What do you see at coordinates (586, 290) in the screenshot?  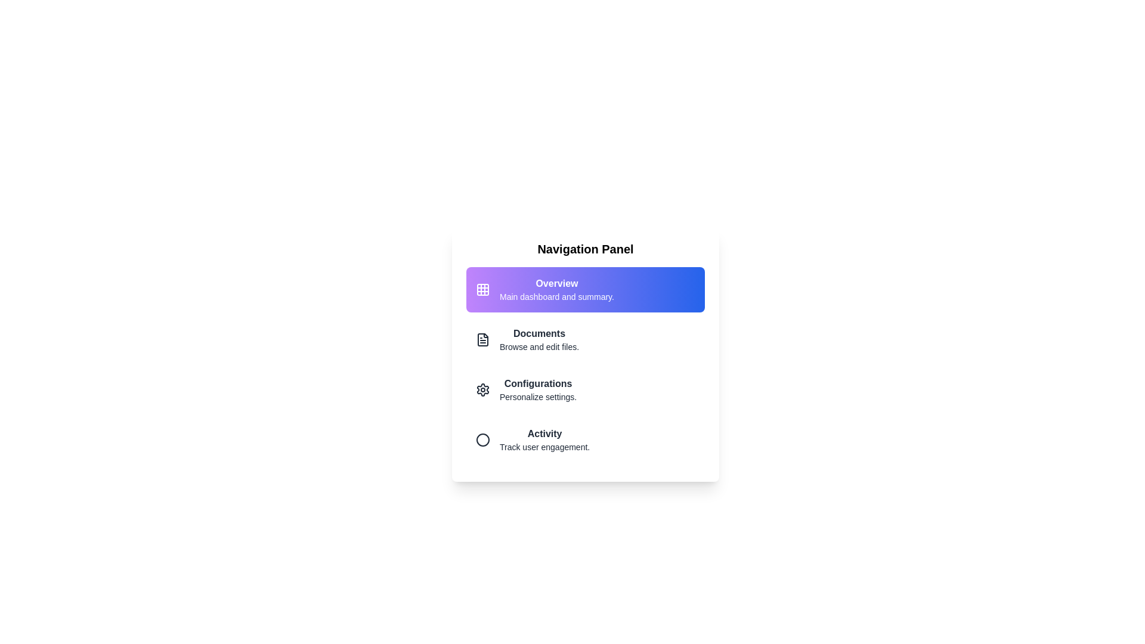 I see `the menu section corresponding to Overview` at bounding box center [586, 290].